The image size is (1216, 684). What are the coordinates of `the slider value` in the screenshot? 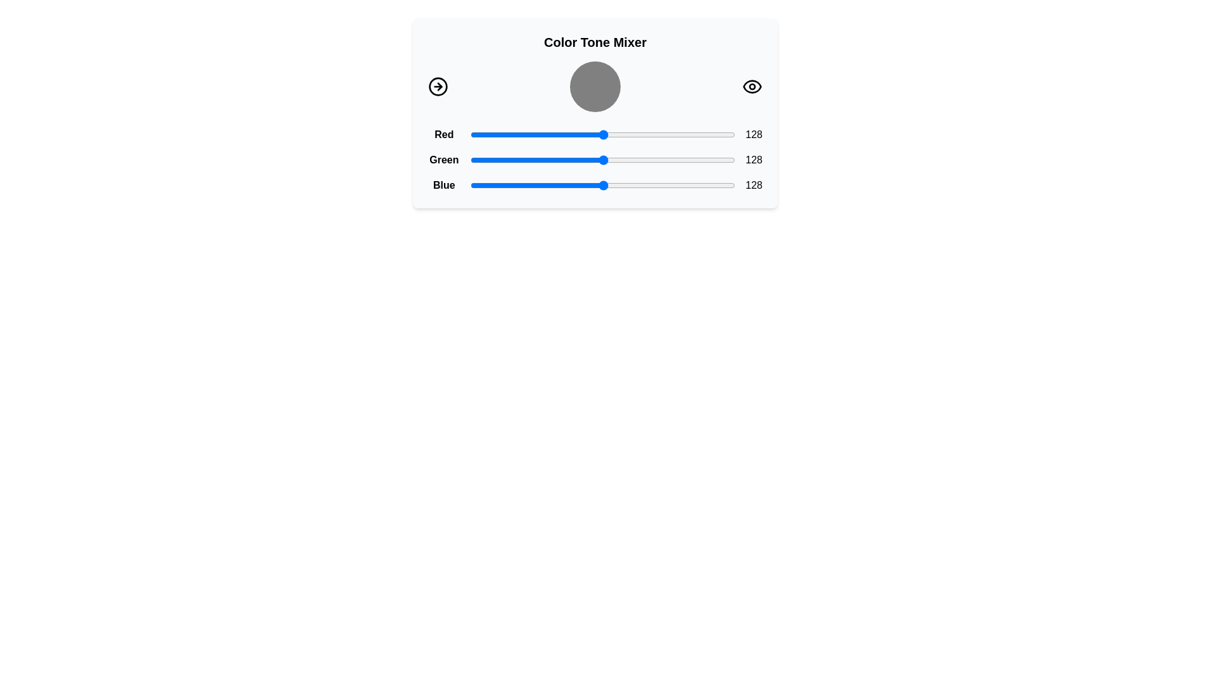 It's located at (699, 186).